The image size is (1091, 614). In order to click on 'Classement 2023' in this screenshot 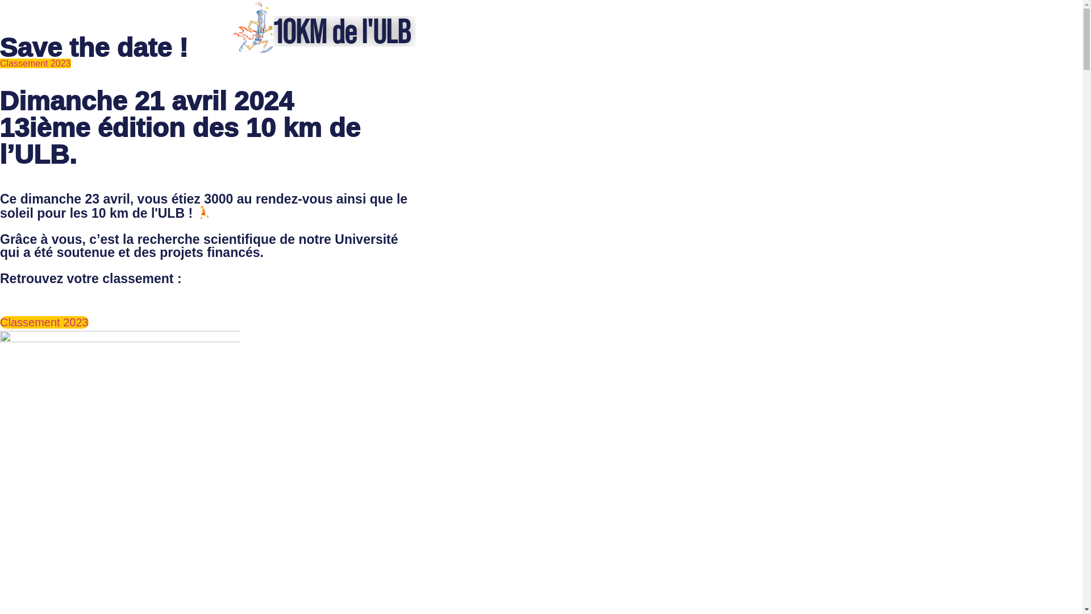, I will do `click(0, 63)`.